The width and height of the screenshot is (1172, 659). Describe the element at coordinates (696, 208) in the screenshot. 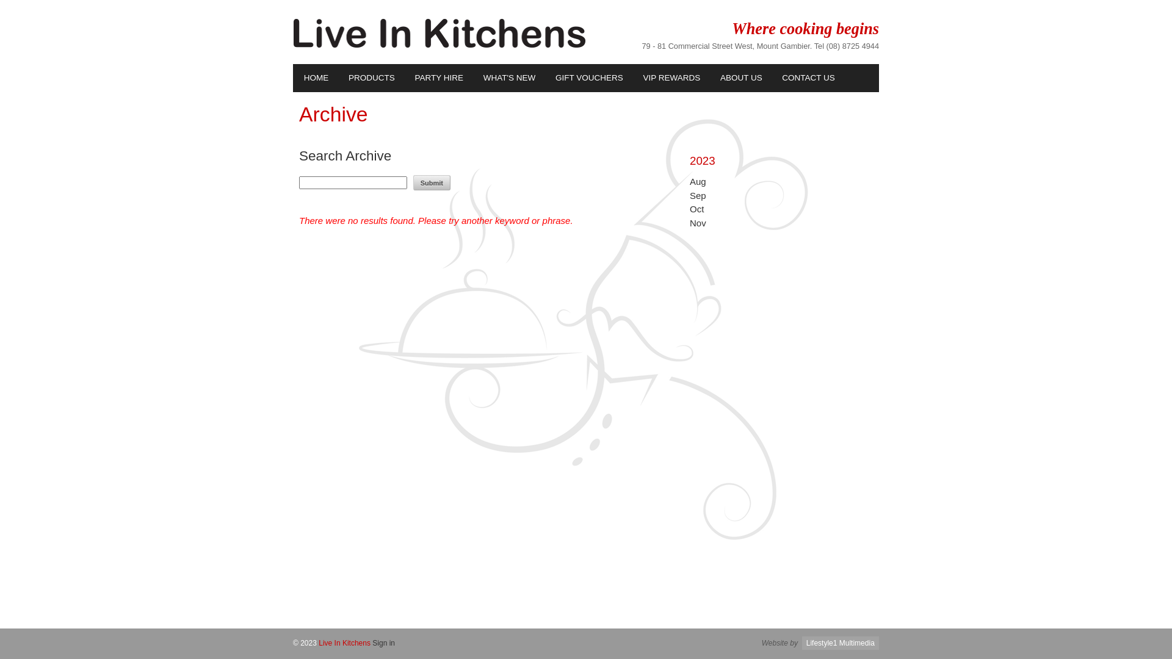

I see `'Oct'` at that location.